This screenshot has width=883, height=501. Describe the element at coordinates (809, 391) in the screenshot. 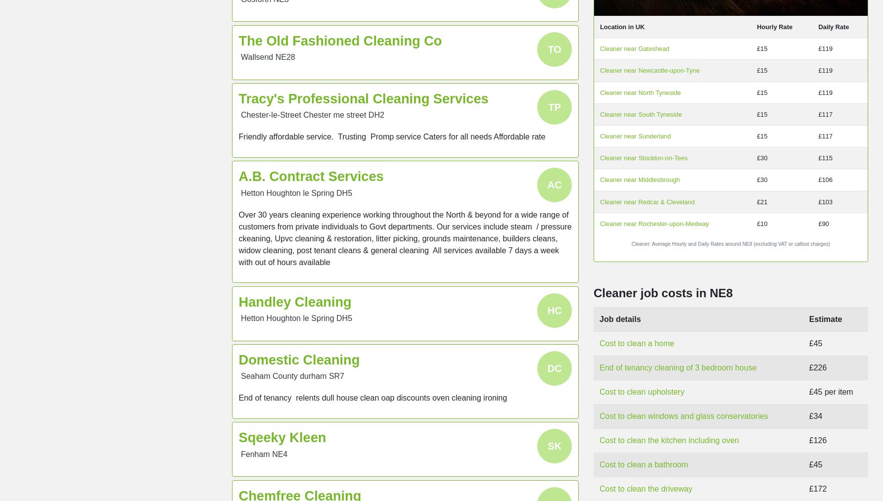

I see `'£45 per item'` at that location.